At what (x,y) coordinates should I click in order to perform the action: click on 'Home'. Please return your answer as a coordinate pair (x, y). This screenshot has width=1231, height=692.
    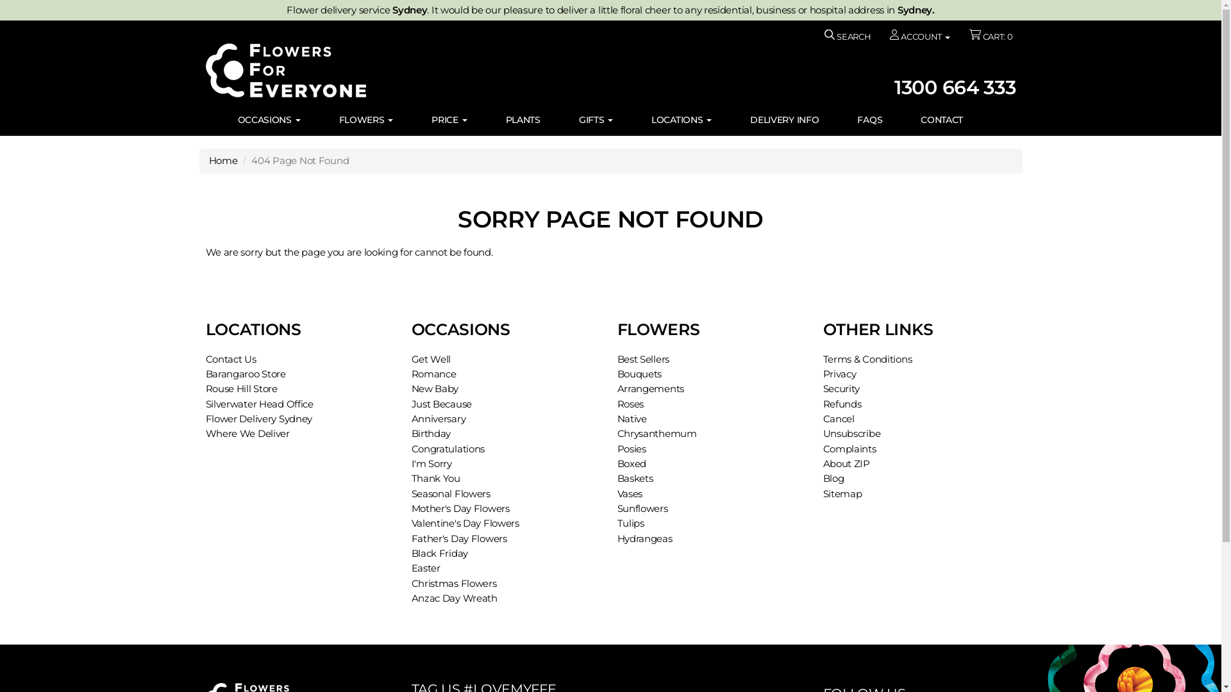
    Looking at the image, I should click on (223, 160).